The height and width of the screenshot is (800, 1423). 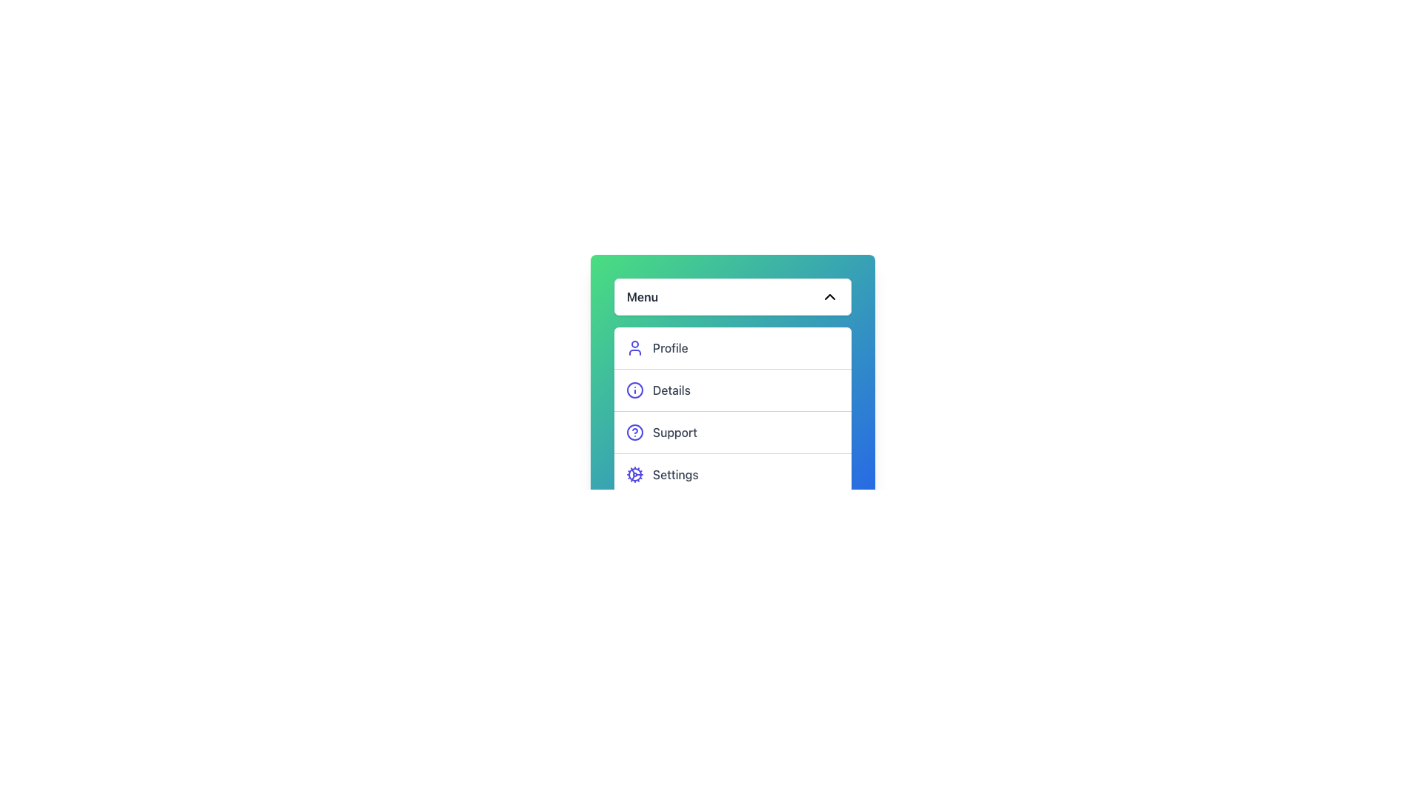 What do you see at coordinates (669, 348) in the screenshot?
I see `the 'Profile' menu option text label located in the vertical menu, which is the first item in the list of options` at bounding box center [669, 348].